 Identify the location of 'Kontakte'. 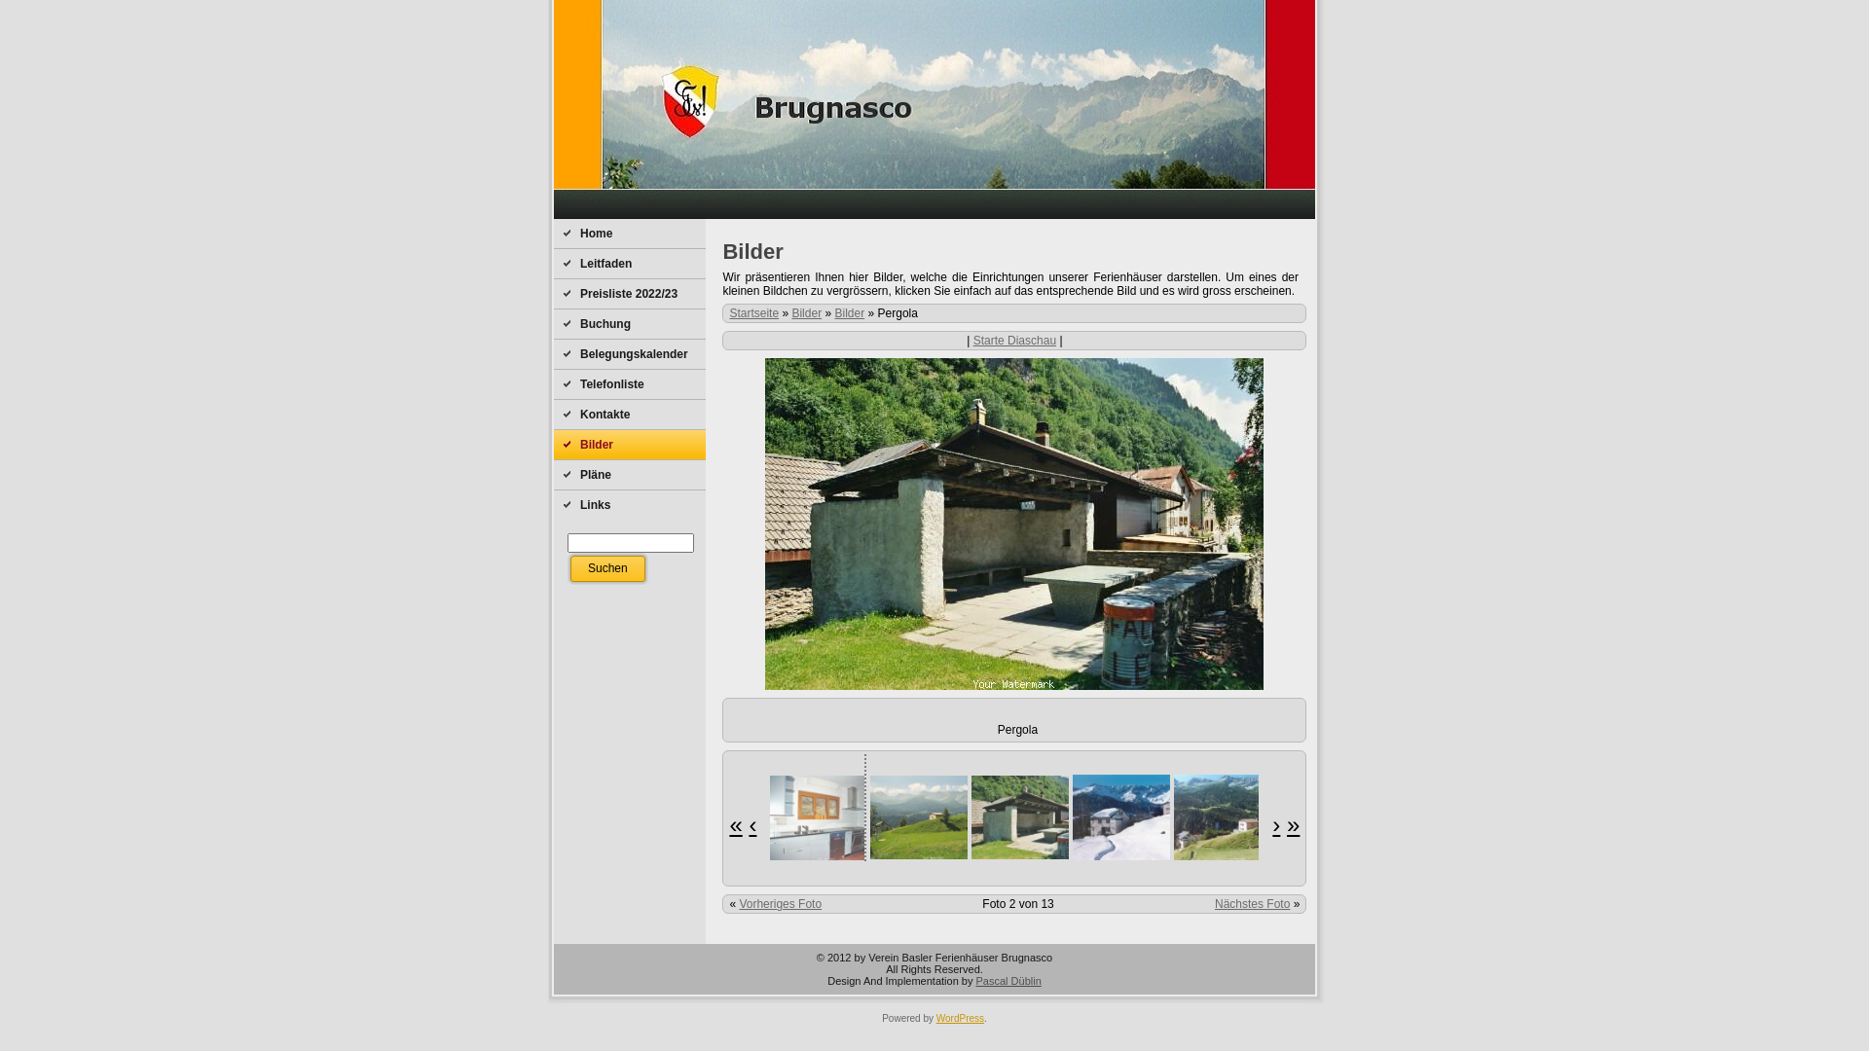
(630, 413).